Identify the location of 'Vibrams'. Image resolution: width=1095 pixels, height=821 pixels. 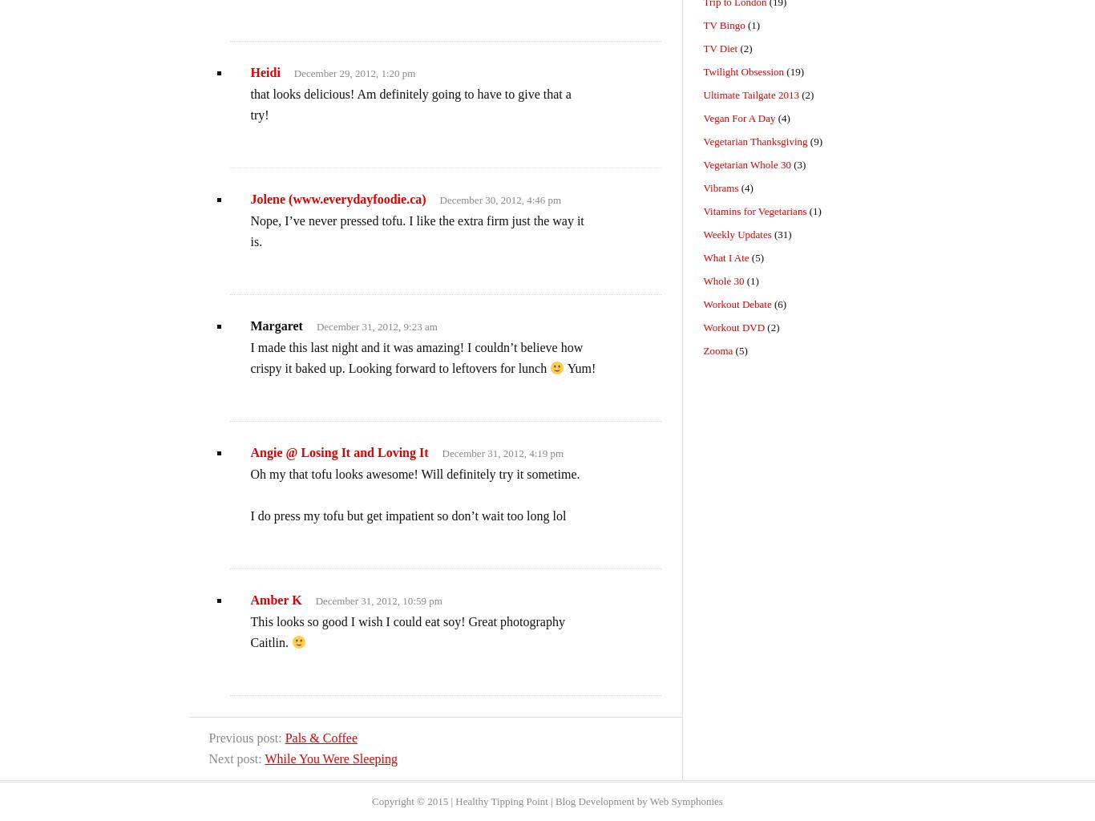
(719, 187).